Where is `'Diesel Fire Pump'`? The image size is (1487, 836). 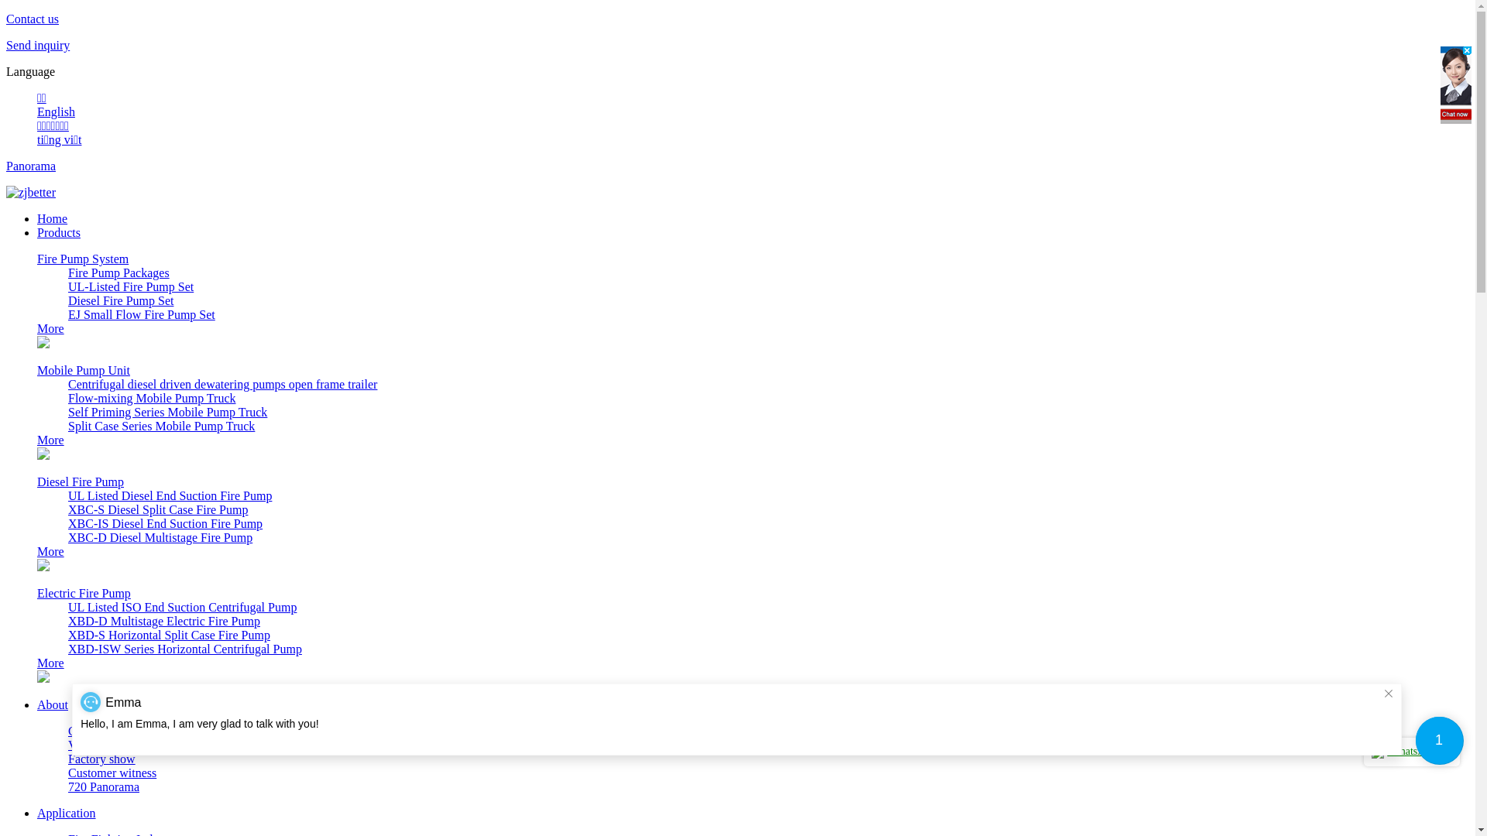
'Diesel Fire Pump' is located at coordinates (37, 481).